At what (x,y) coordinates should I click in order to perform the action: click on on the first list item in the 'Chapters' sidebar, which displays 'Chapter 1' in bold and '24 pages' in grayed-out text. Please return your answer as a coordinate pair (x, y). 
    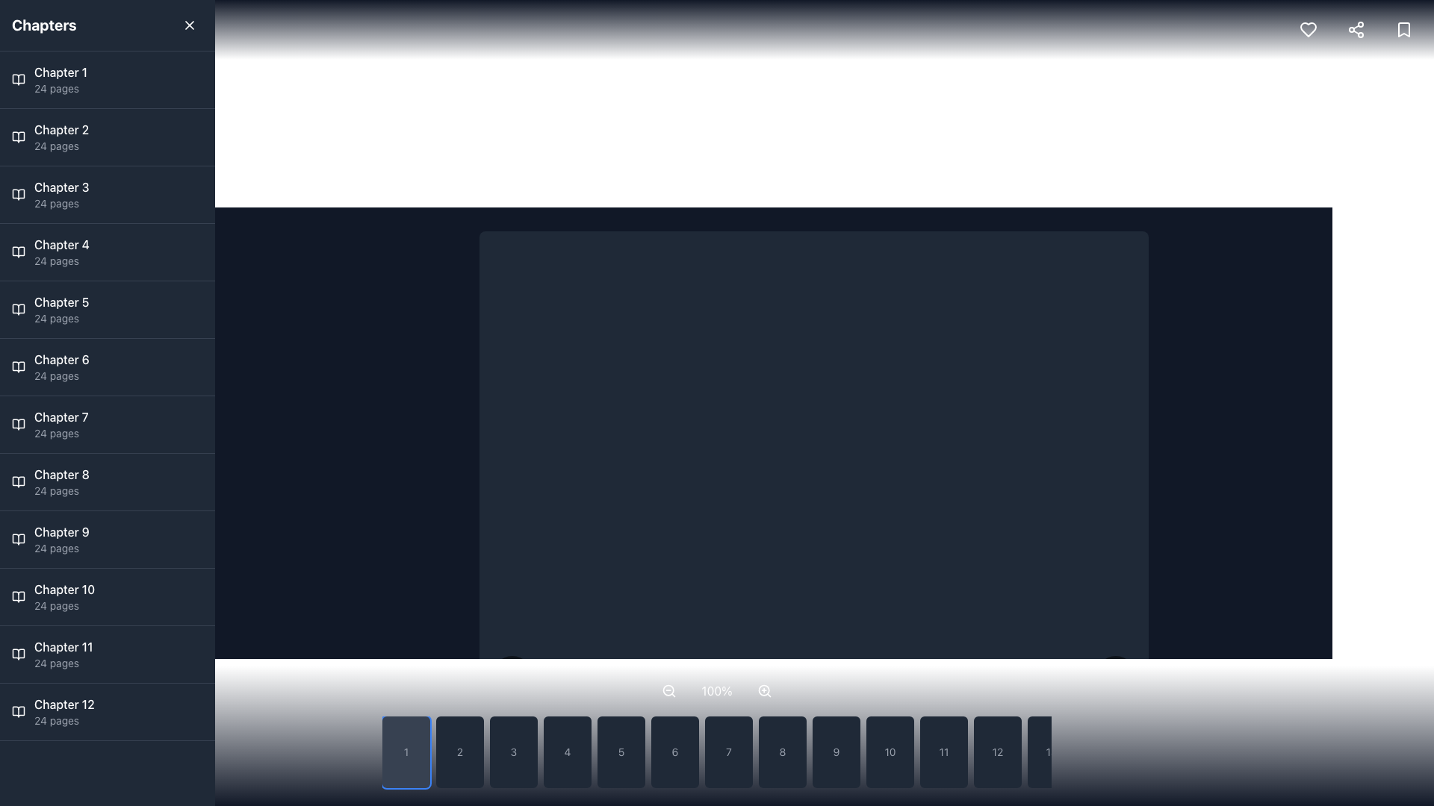
    Looking at the image, I should click on (60, 80).